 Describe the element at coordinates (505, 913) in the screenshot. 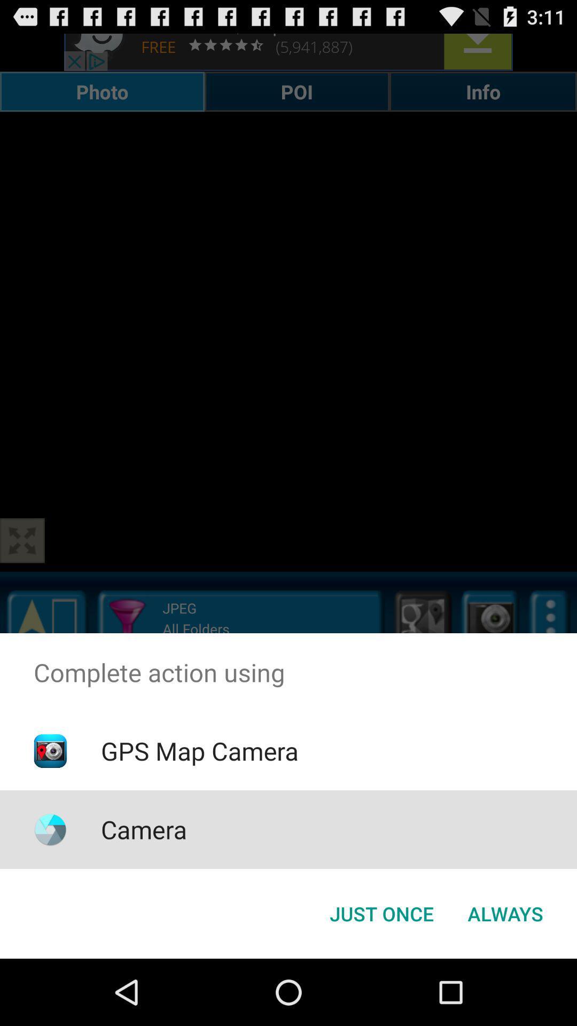

I see `the icon at the bottom right corner` at that location.